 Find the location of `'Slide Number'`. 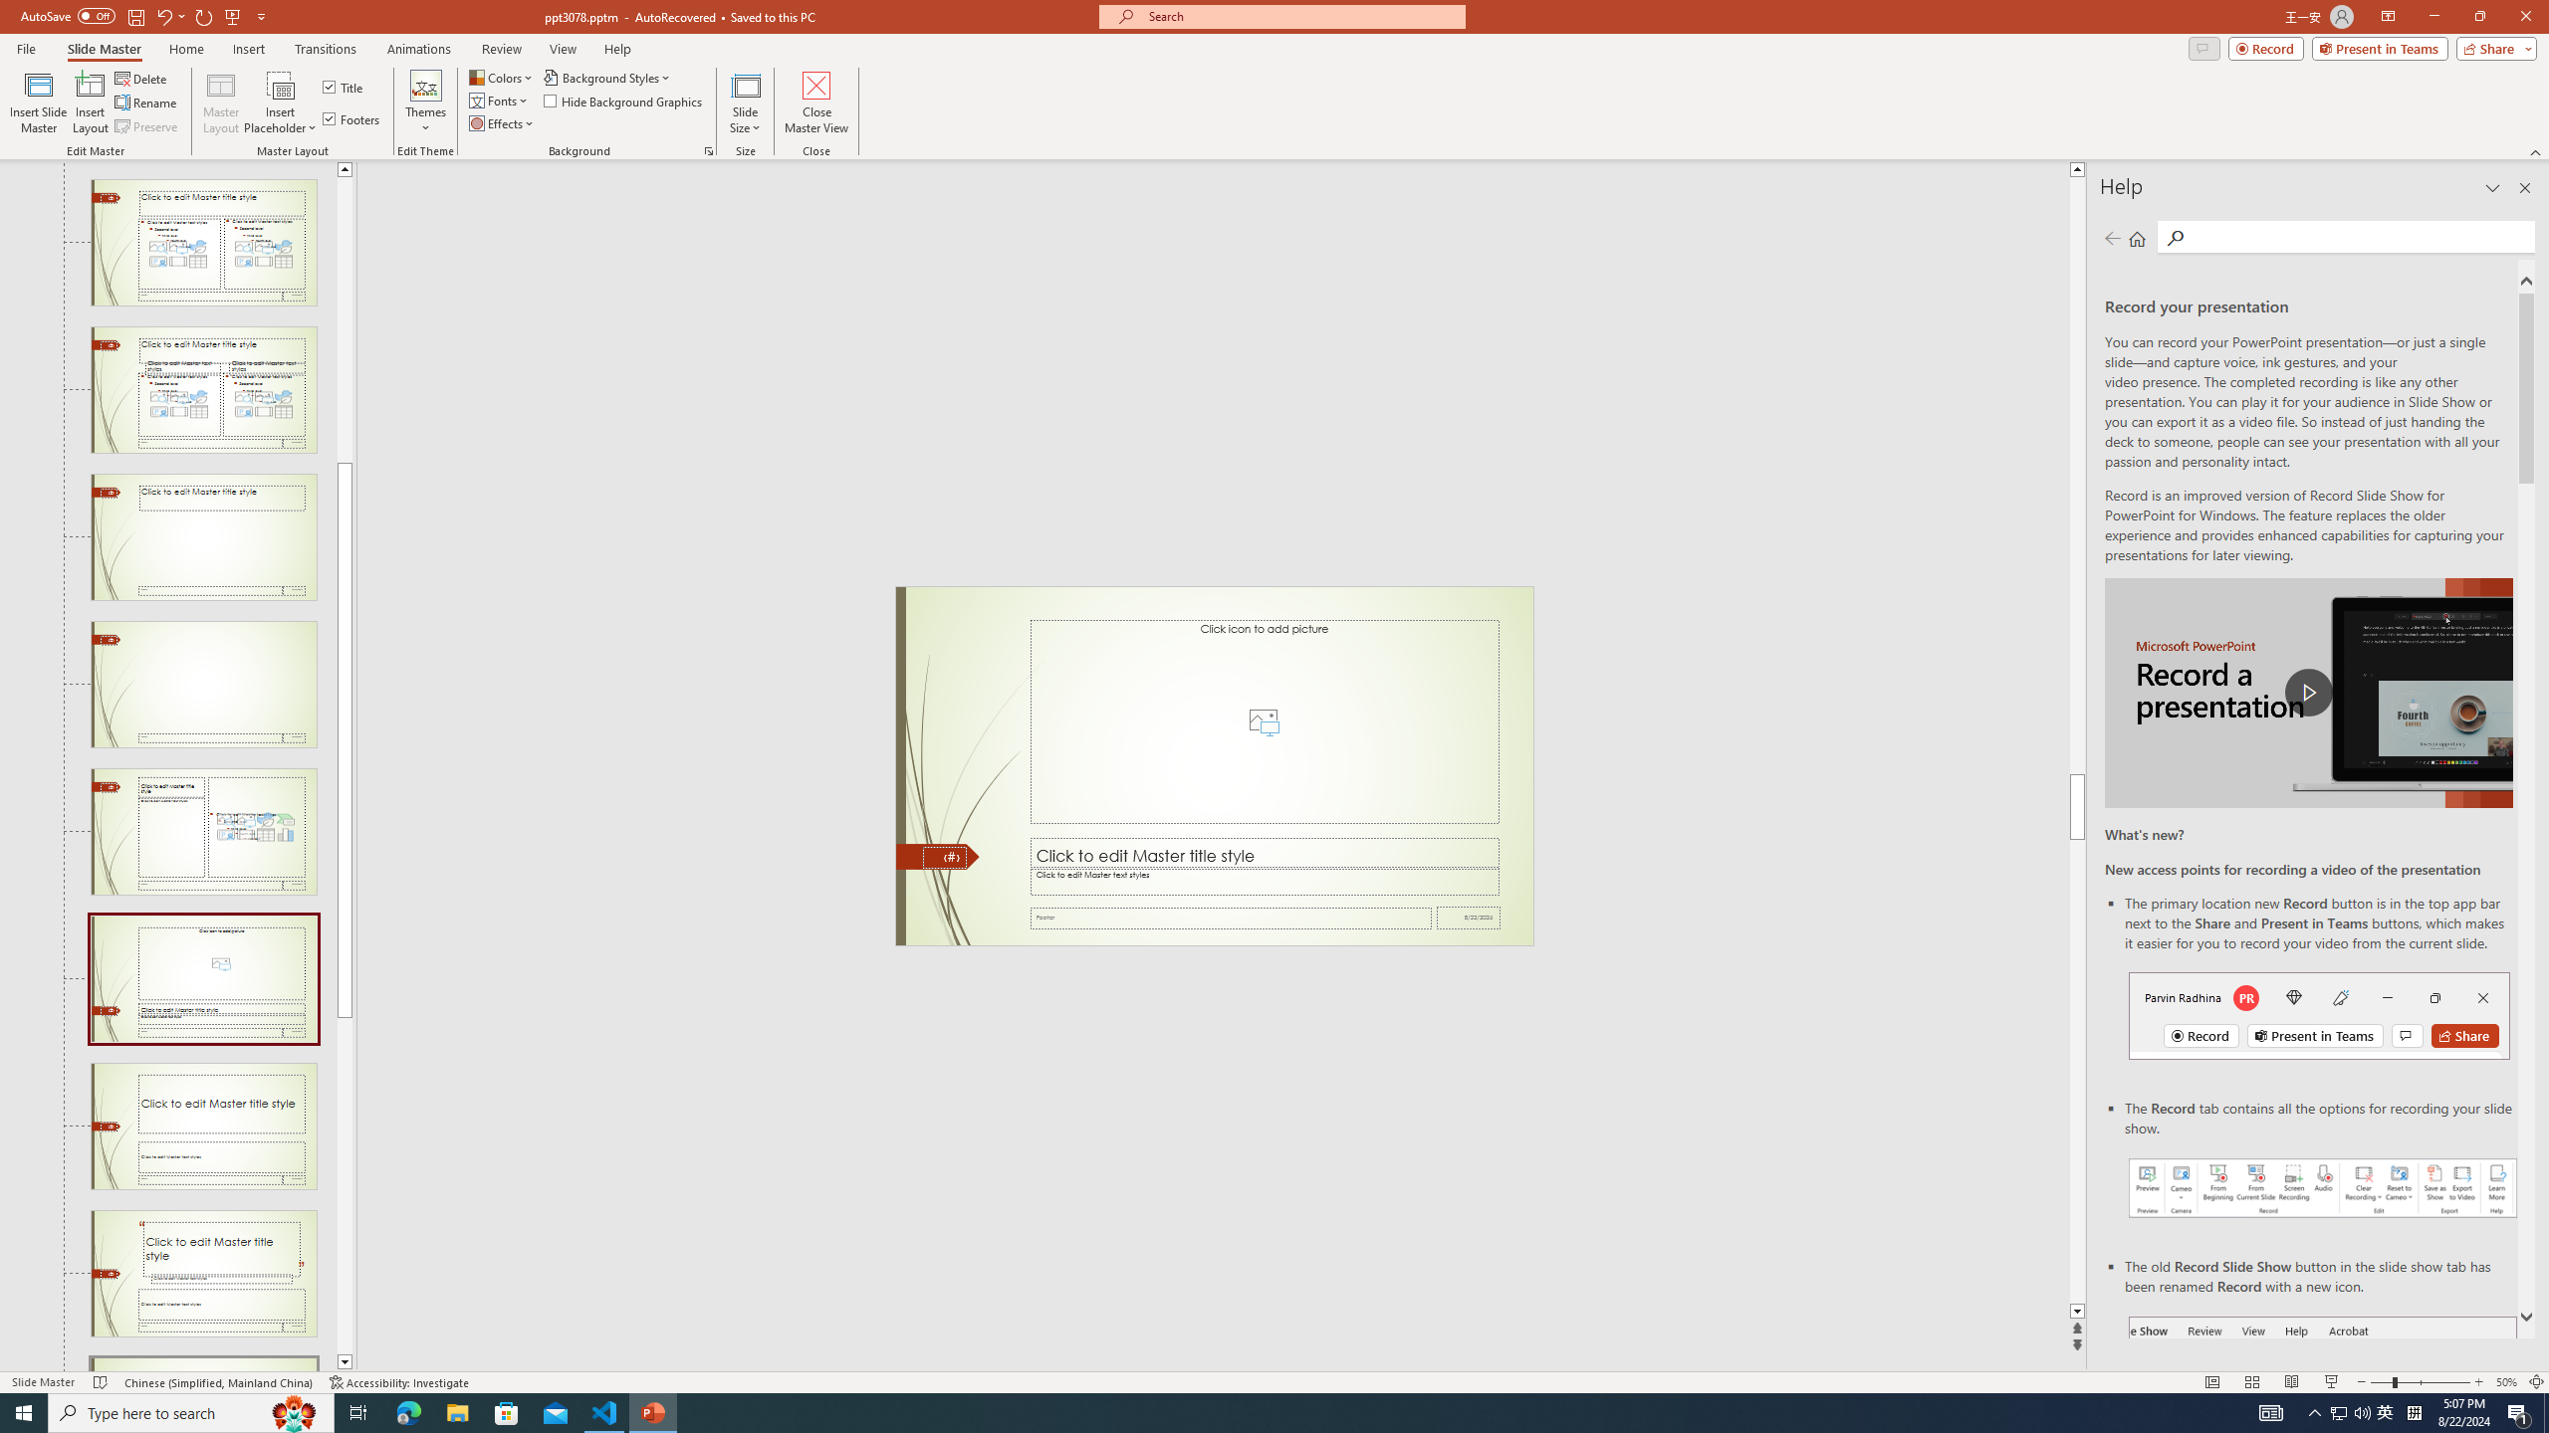

'Slide Number' is located at coordinates (943, 857).